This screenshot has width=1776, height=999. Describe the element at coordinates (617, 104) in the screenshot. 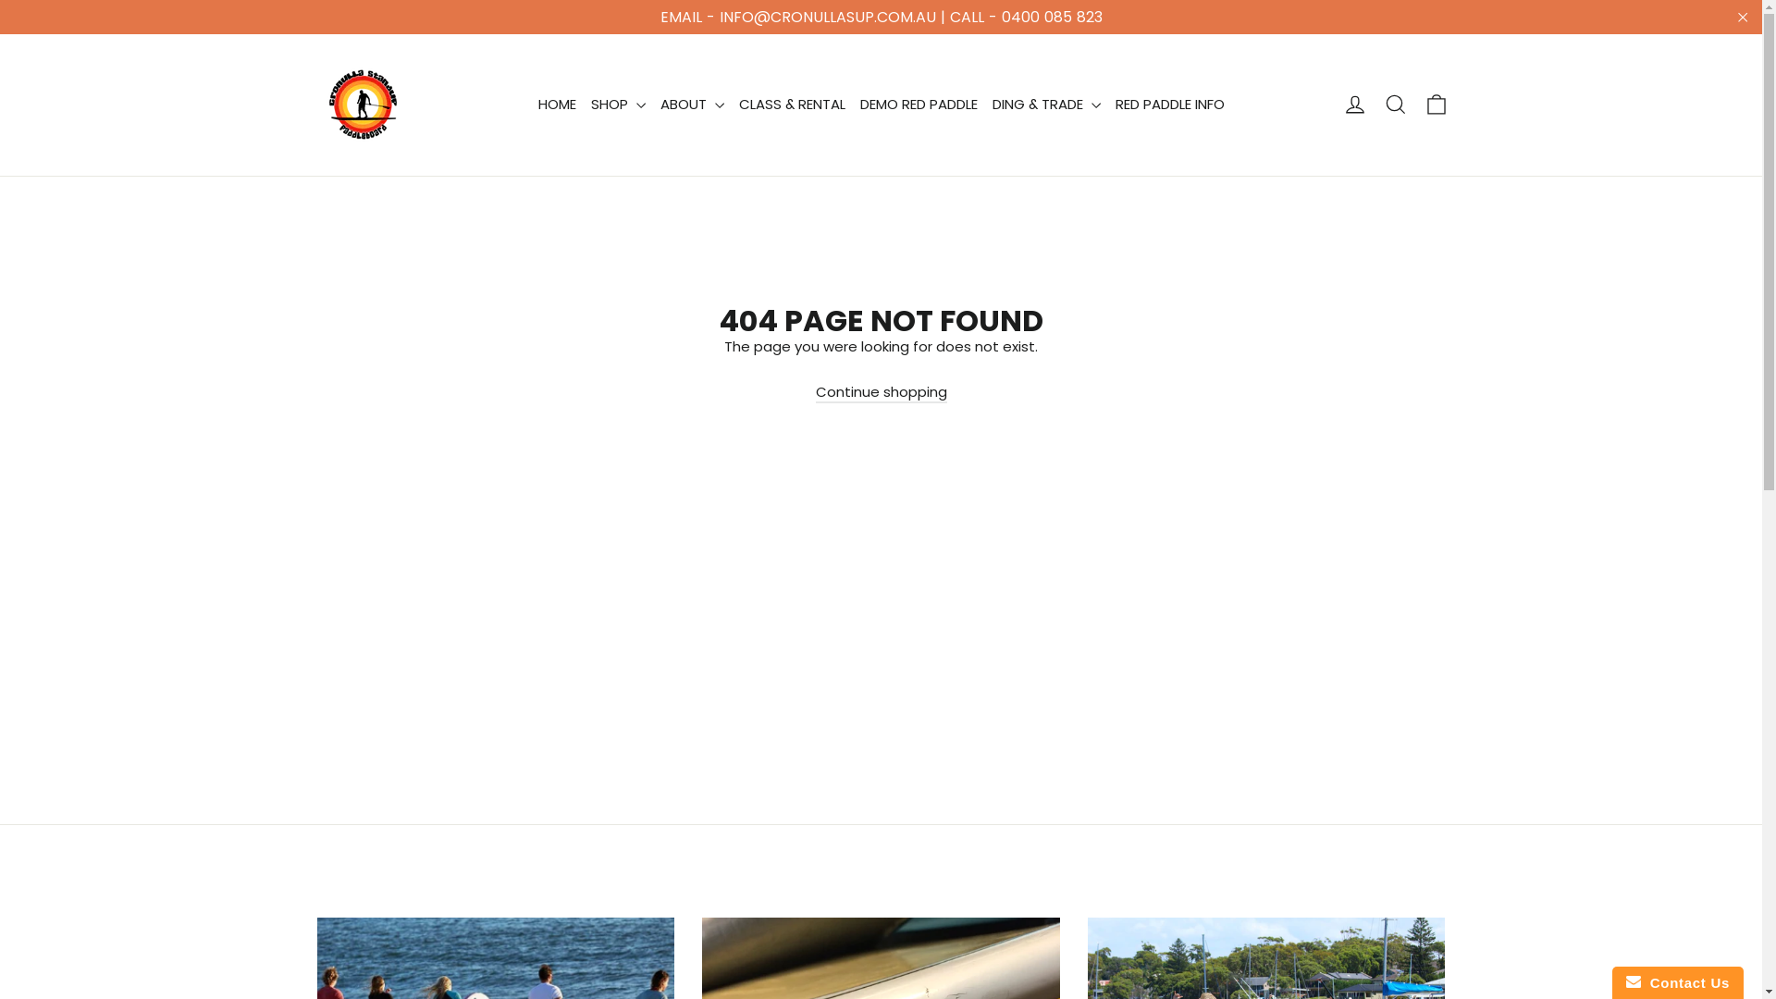

I see `'SHOP'` at that location.